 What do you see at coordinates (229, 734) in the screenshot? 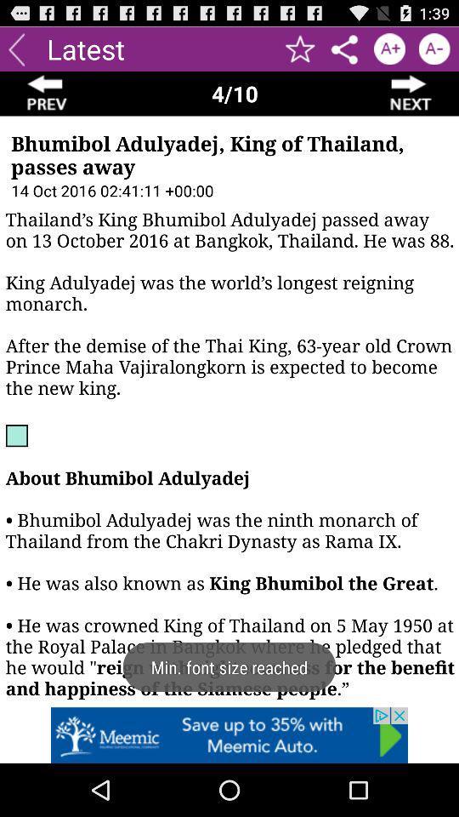
I see `open advert` at bounding box center [229, 734].